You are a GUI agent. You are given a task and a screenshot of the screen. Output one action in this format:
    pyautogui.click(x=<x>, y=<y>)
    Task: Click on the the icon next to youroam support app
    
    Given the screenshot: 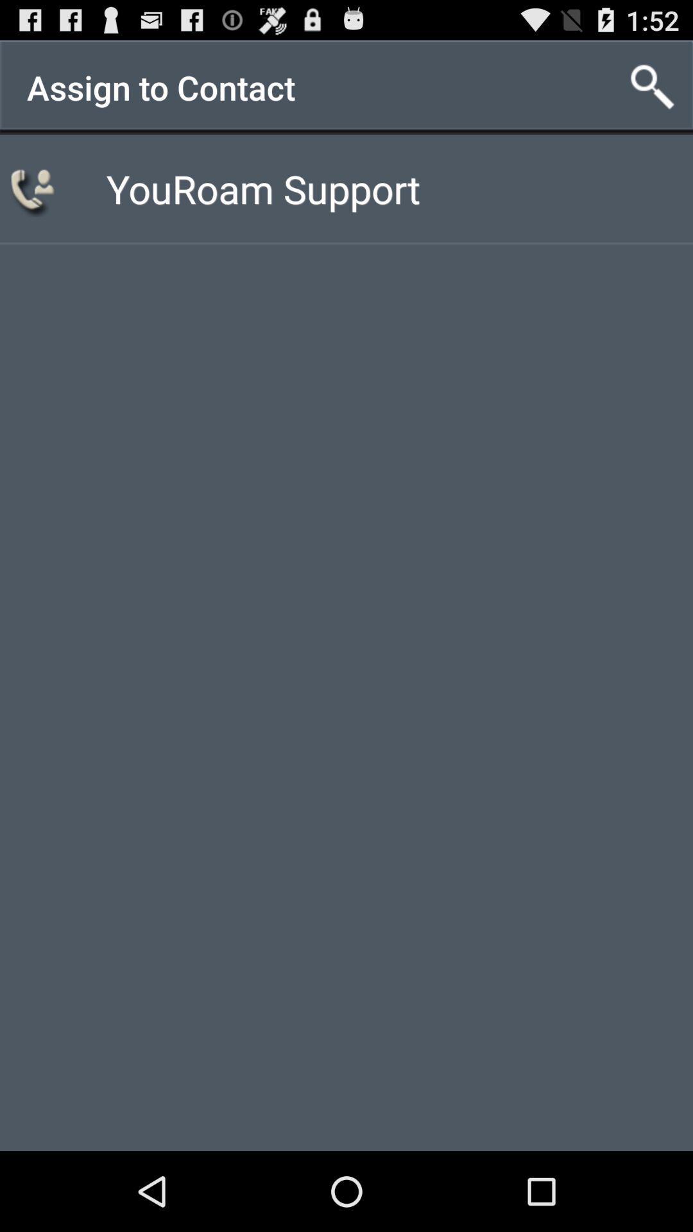 What is the action you would take?
    pyautogui.click(x=34, y=187)
    